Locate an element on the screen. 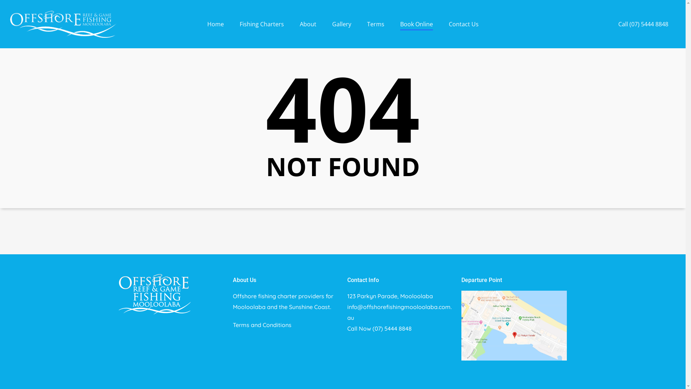 The image size is (691, 389). 'Contact Us' is located at coordinates (463, 29).